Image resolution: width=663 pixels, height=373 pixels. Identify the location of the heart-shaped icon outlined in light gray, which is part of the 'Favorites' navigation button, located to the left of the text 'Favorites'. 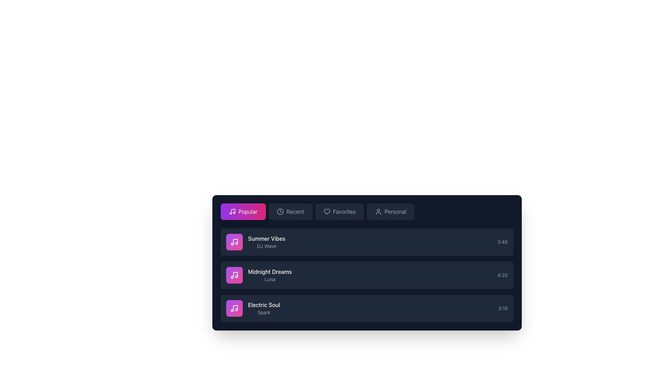
(326, 211).